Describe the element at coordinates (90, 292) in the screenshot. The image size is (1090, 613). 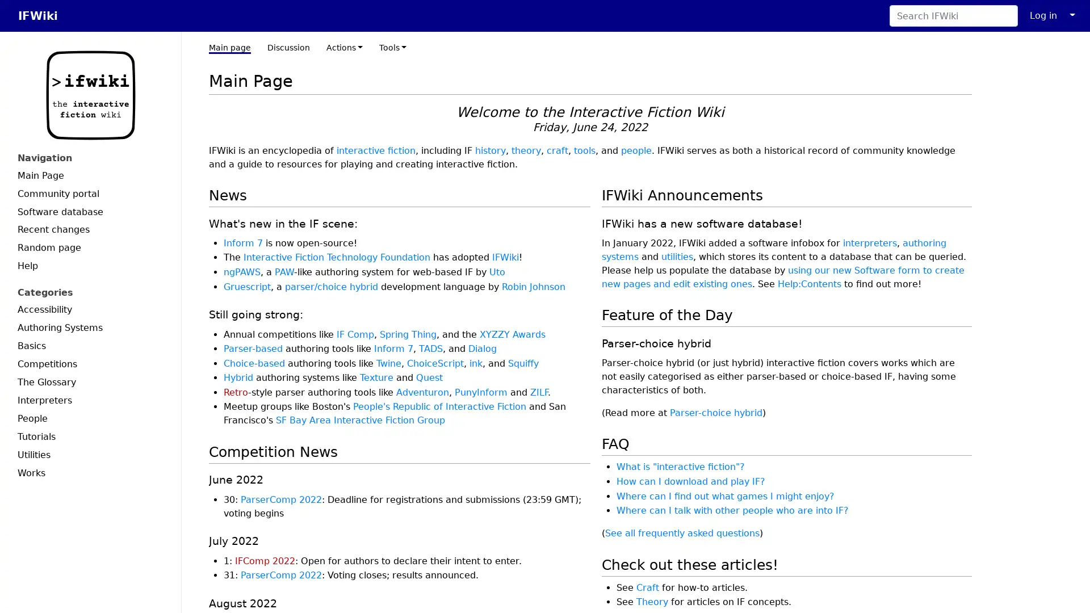
I see `Categories` at that location.